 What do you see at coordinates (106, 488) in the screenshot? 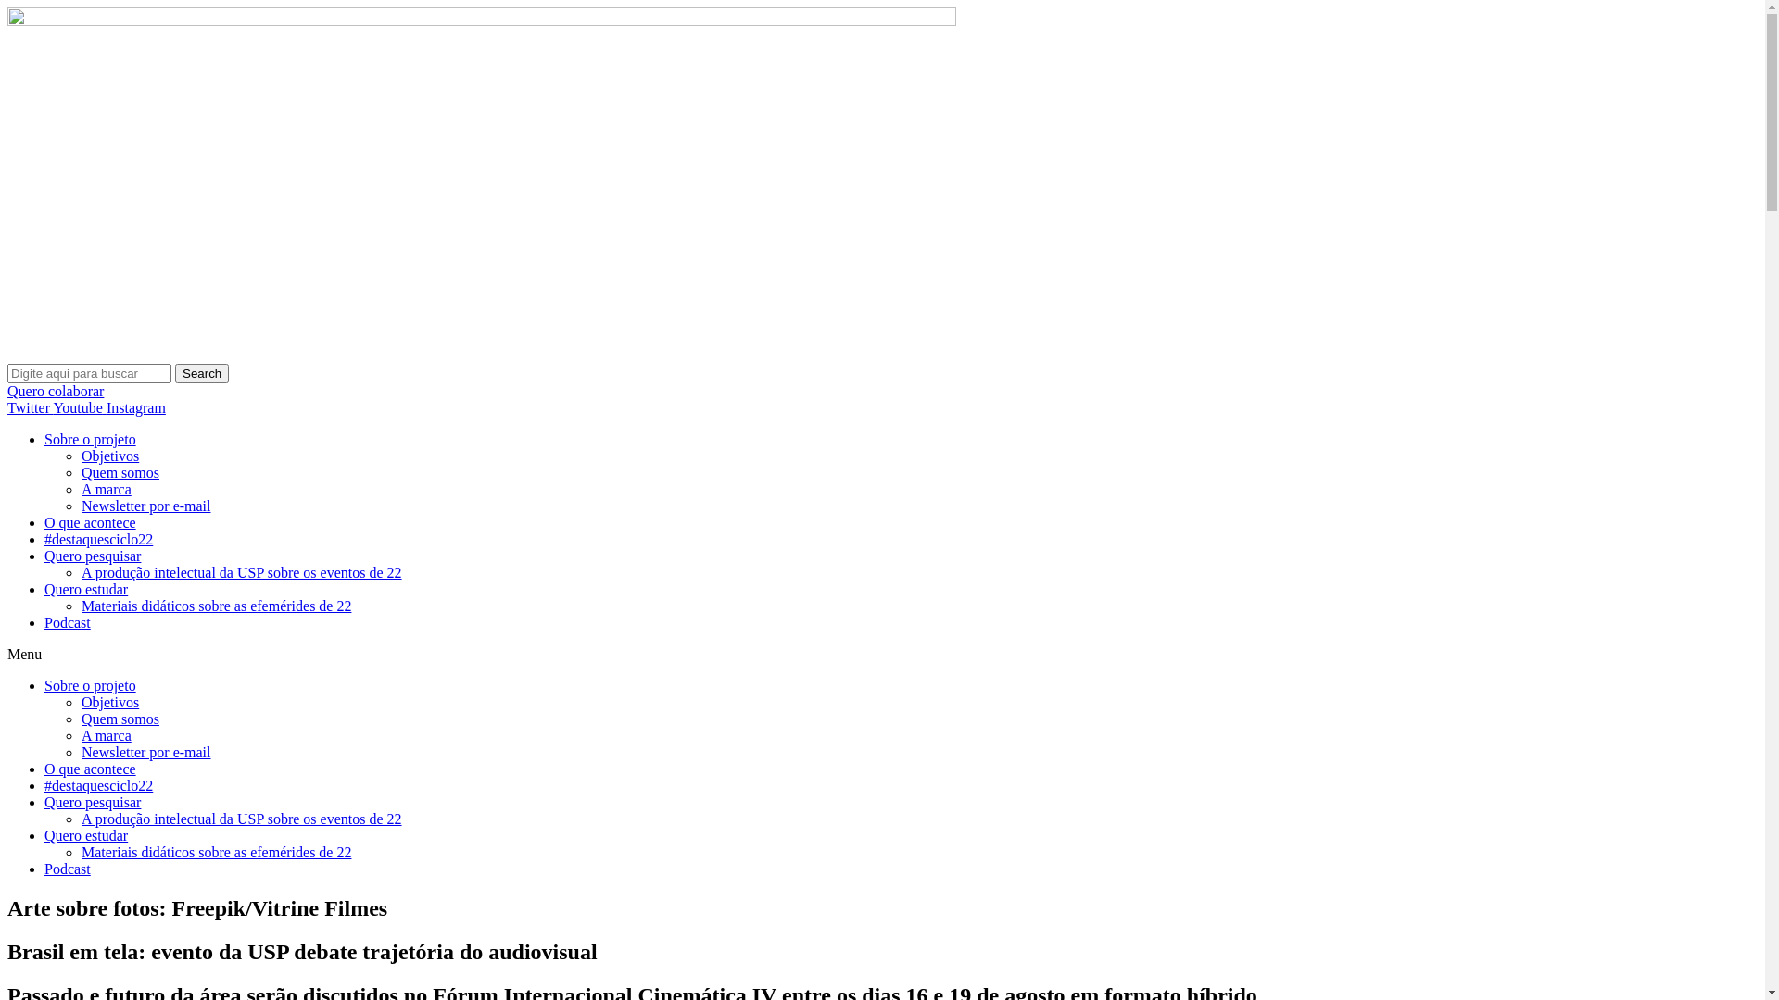
I see `'A marca'` at bounding box center [106, 488].